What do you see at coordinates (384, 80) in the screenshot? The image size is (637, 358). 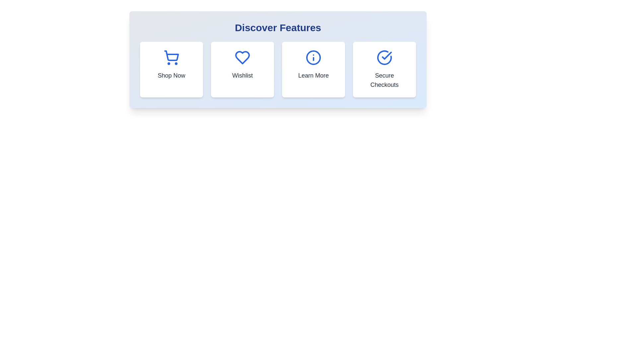 I see `the text label displaying 'Secure Checkouts' in dark gray font, centered alignment, with two lines of text and a bold style, located in the fourth feature of the 'Discover Features' group` at bounding box center [384, 80].